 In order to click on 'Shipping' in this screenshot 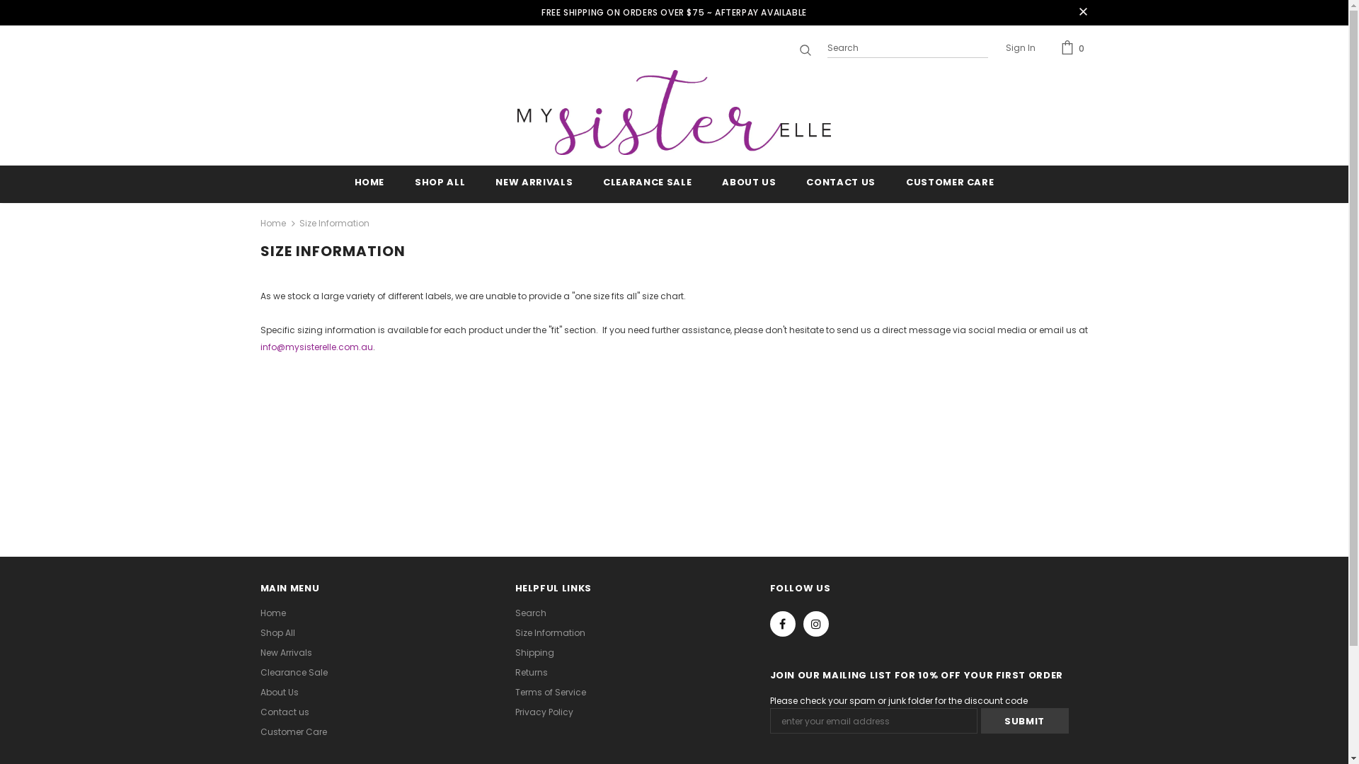, I will do `click(534, 652)`.